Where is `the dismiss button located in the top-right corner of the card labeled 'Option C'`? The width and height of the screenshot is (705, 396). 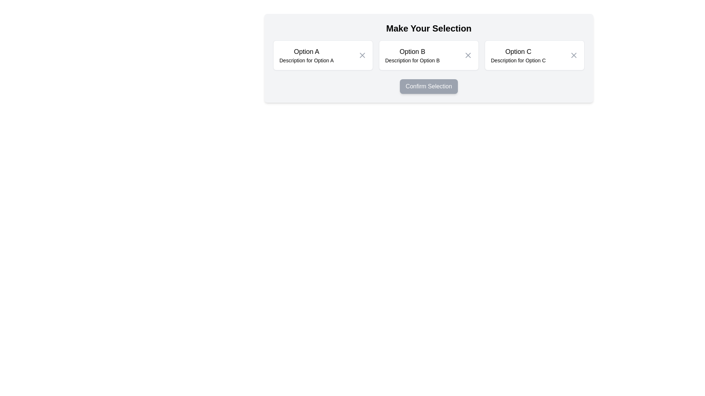
the dismiss button located in the top-right corner of the card labeled 'Option C' is located at coordinates (574, 55).